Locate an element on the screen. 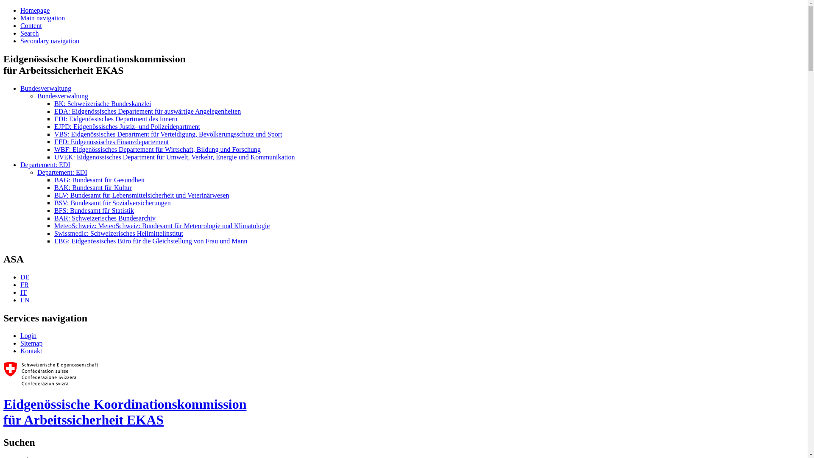  'Search' is located at coordinates (30, 33).